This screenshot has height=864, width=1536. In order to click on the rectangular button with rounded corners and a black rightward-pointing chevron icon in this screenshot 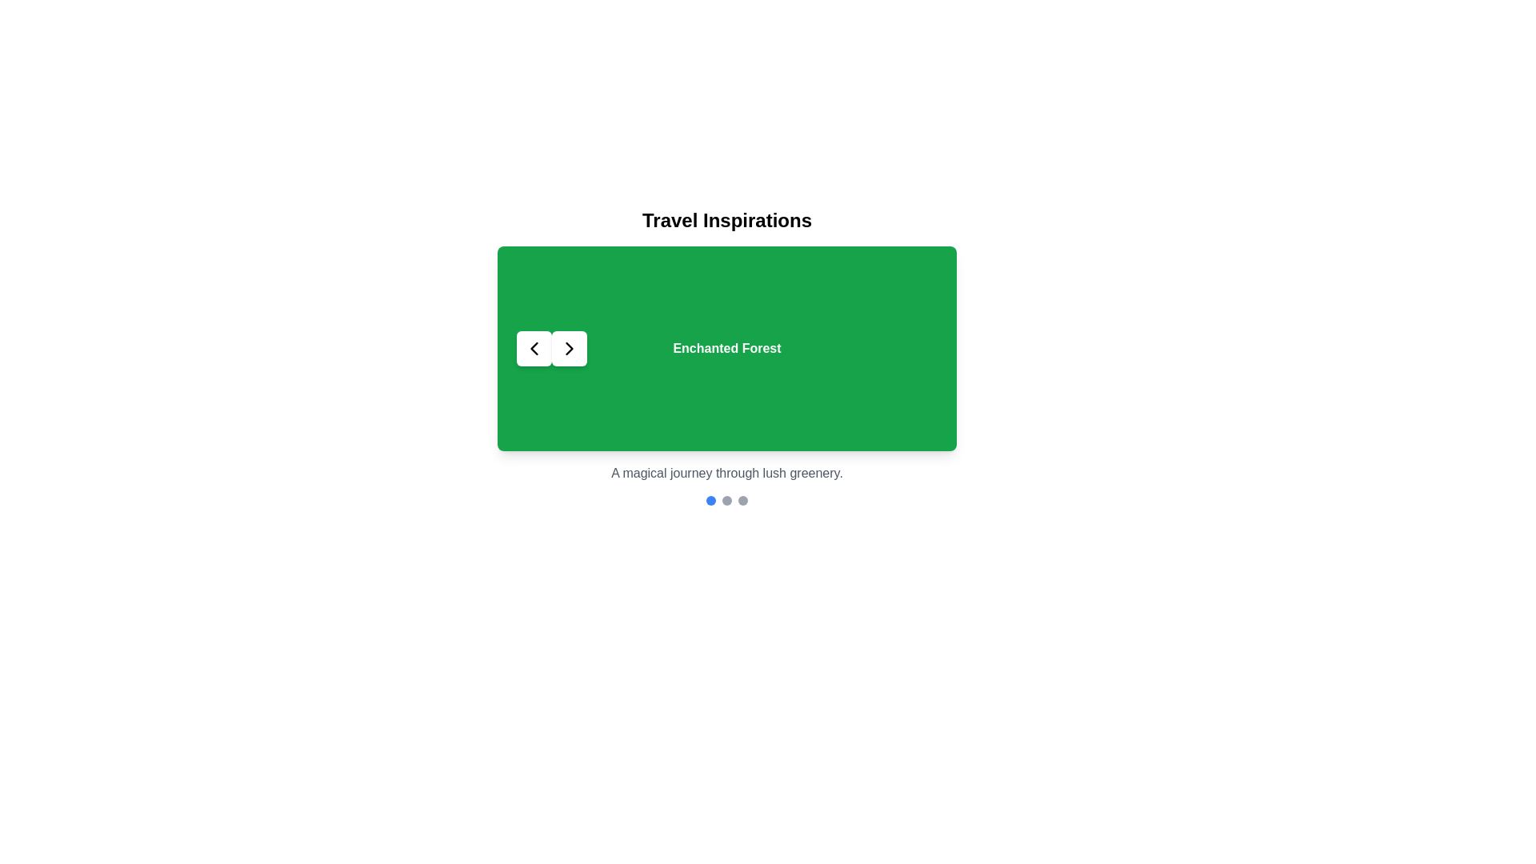, I will do `click(569, 347)`.